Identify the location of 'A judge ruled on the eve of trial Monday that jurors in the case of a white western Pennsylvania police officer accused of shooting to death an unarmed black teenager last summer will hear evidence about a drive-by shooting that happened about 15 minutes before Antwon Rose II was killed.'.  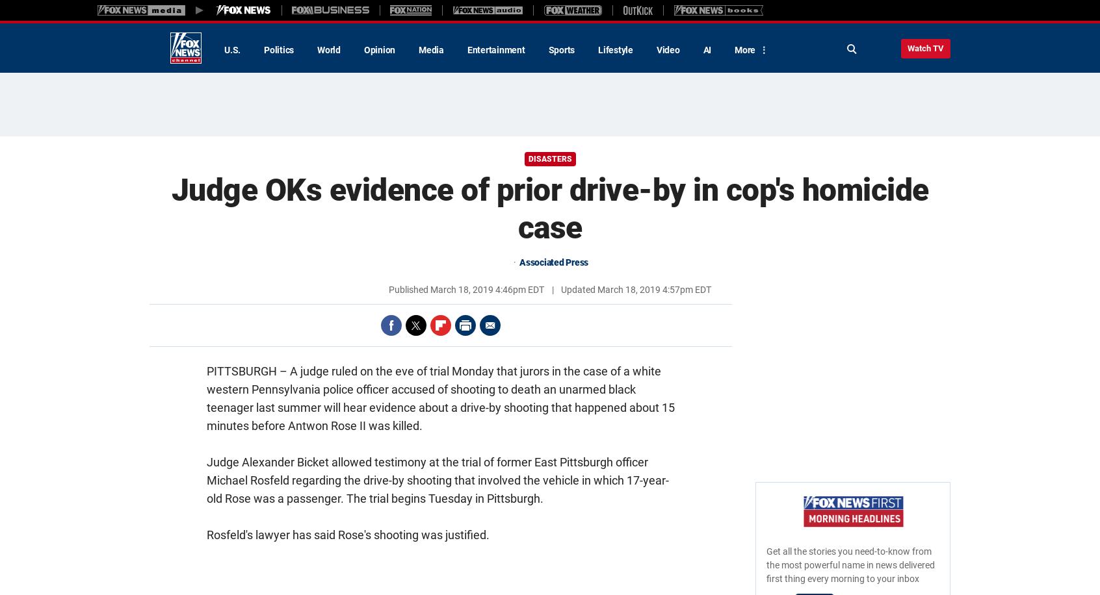
(440, 398).